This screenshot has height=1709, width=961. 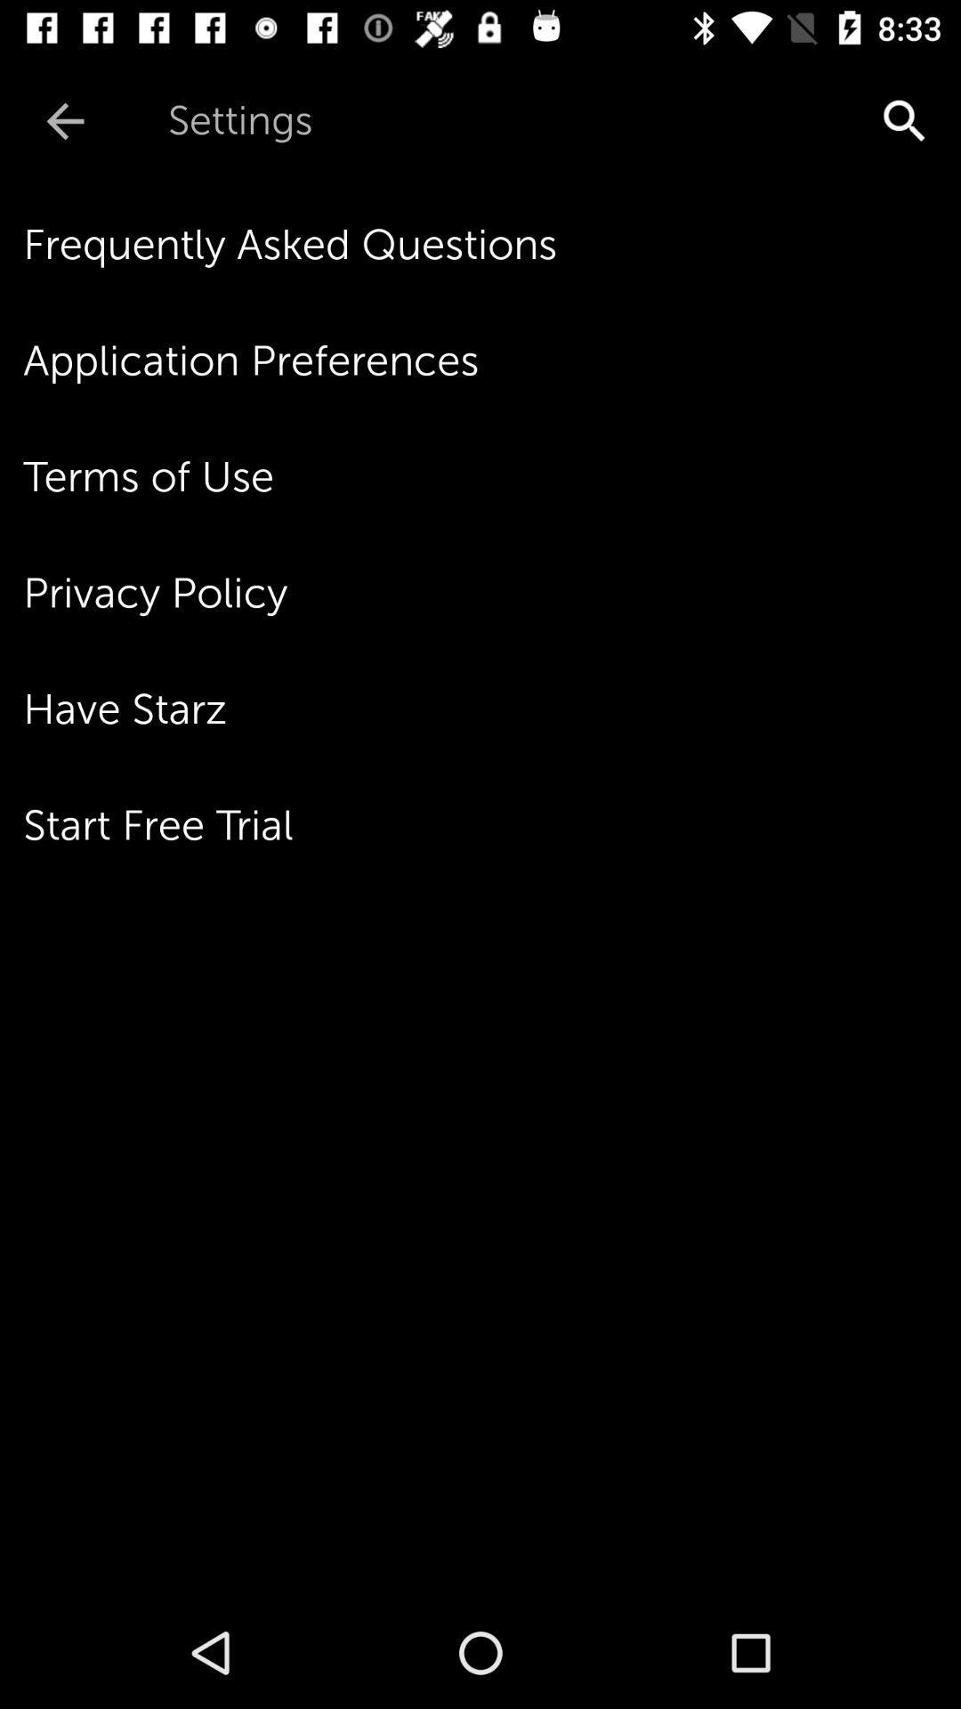 What do you see at coordinates (492, 360) in the screenshot?
I see `the item below frequently asked questions icon` at bounding box center [492, 360].